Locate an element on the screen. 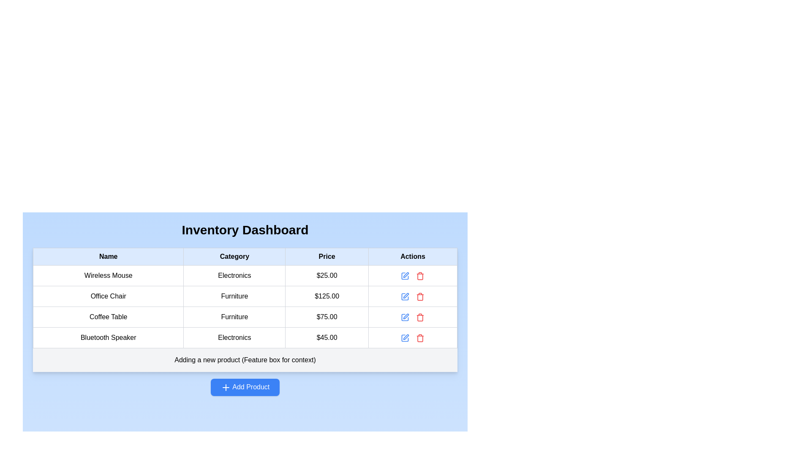  the table cell displaying the category 'Electronics' for the product 'Bluetooth Speaker' located in the fourth row under the 'Category' column is located at coordinates (245, 337).